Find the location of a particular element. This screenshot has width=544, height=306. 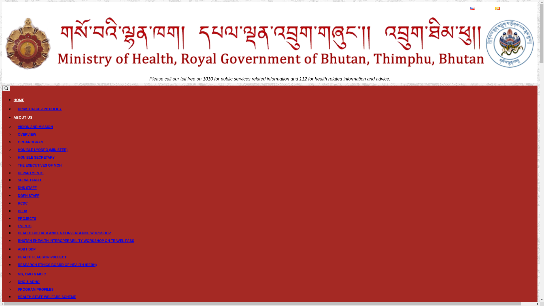

'DOPH STAFF' is located at coordinates (31, 195).